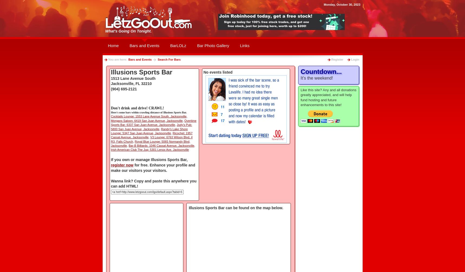  What do you see at coordinates (149, 159) in the screenshot?
I see `'If you own or manage Illusions Sports Bar,'` at bounding box center [149, 159].